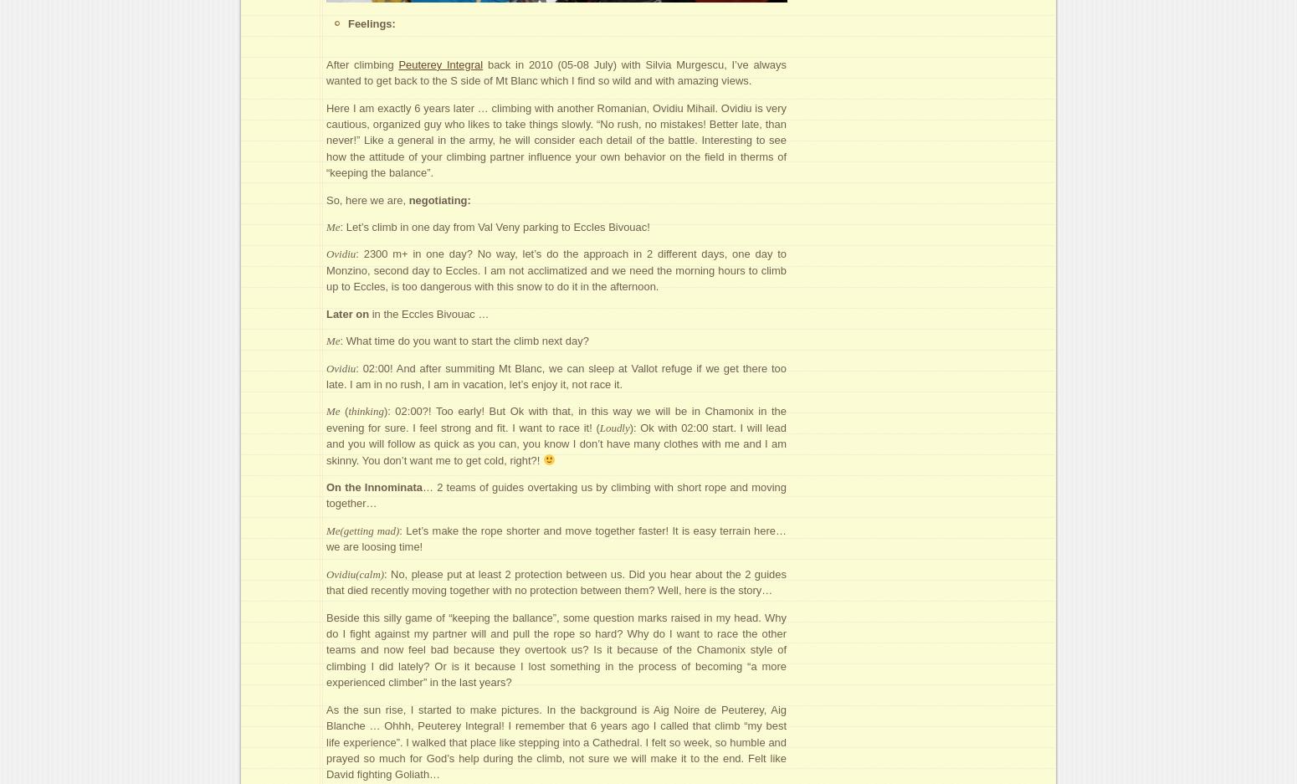 The image size is (1297, 784). What do you see at coordinates (362, 530) in the screenshot?
I see `'Me(getting mad)'` at bounding box center [362, 530].